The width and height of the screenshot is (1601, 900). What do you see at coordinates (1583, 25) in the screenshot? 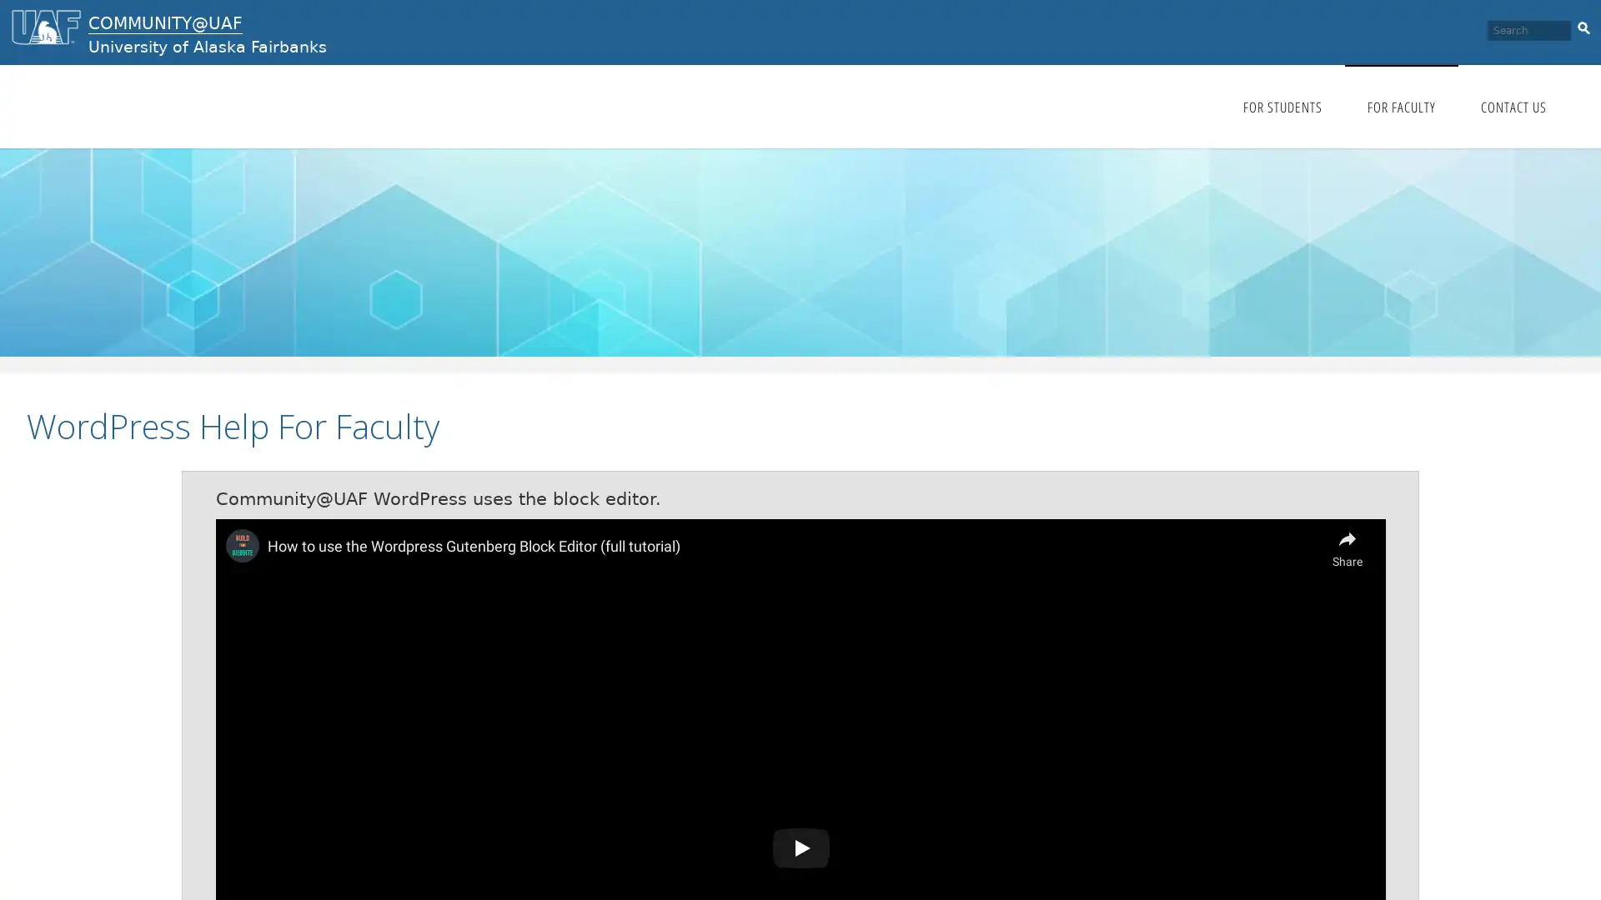
I see `search` at bounding box center [1583, 25].